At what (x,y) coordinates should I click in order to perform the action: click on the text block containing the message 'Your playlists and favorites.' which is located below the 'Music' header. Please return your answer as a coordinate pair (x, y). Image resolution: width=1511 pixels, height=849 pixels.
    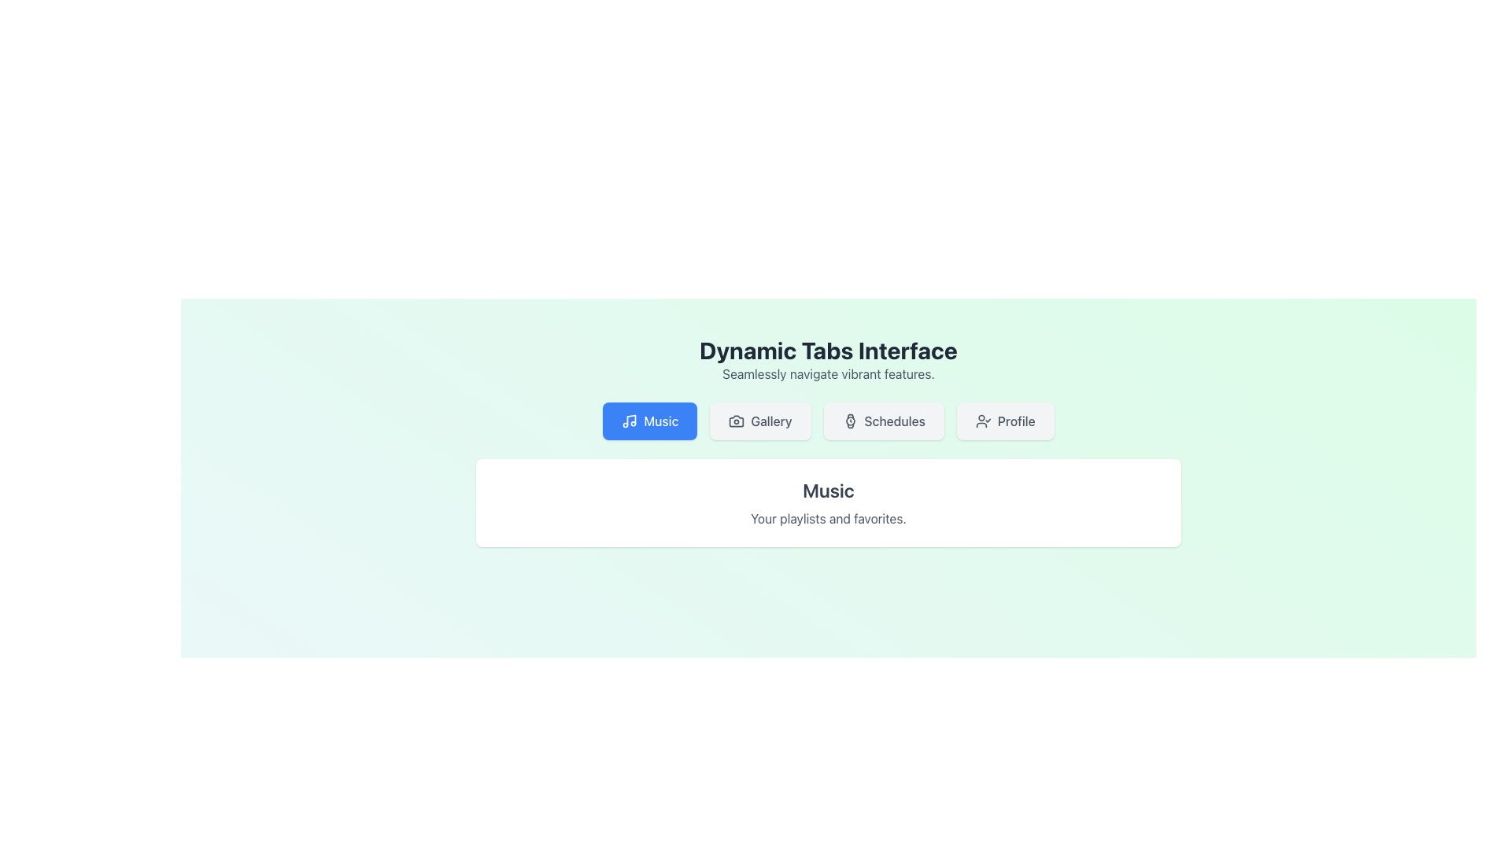
    Looking at the image, I should click on (827, 518).